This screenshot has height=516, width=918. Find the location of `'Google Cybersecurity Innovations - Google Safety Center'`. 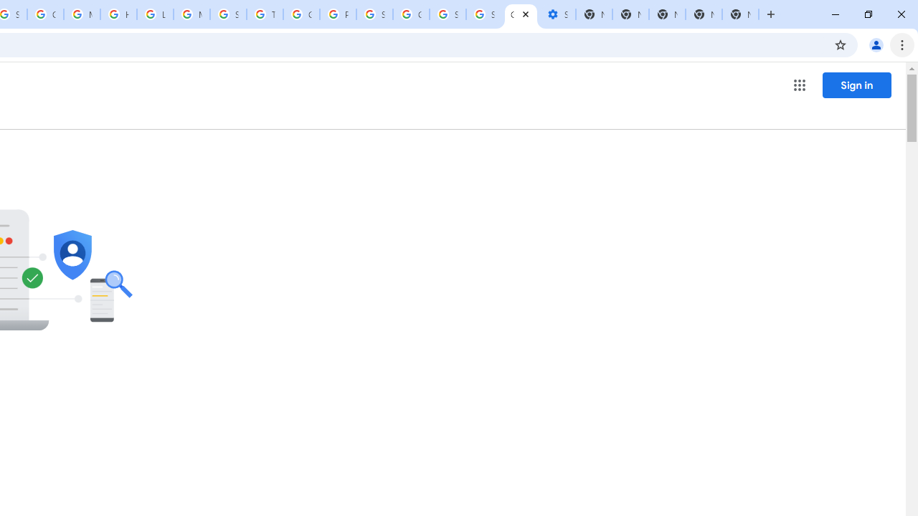

'Google Cybersecurity Innovations - Google Safety Center' is located at coordinates (410, 14).